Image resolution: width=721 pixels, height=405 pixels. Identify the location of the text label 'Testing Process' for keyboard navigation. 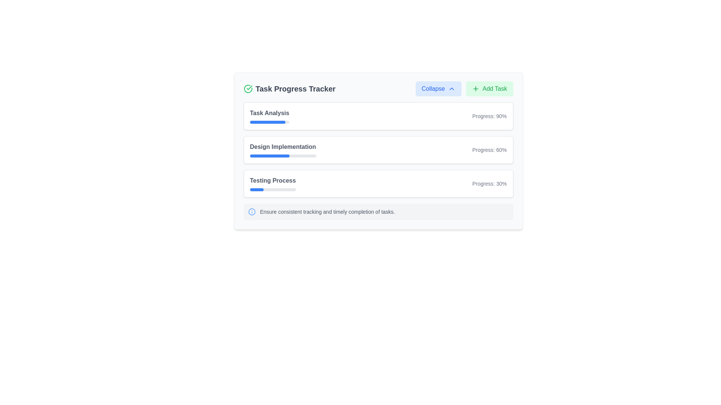
(272, 183).